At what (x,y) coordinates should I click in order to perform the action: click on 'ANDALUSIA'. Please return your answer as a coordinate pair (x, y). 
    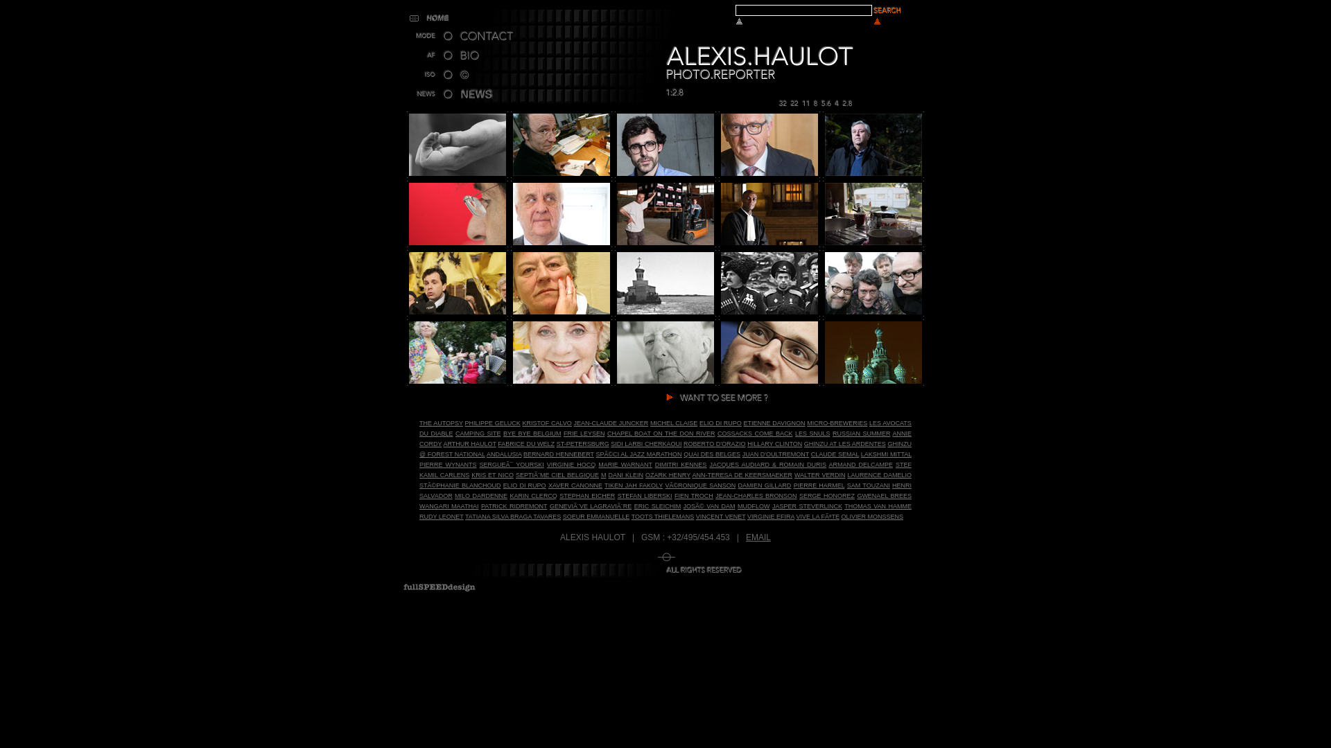
    Looking at the image, I should click on (503, 454).